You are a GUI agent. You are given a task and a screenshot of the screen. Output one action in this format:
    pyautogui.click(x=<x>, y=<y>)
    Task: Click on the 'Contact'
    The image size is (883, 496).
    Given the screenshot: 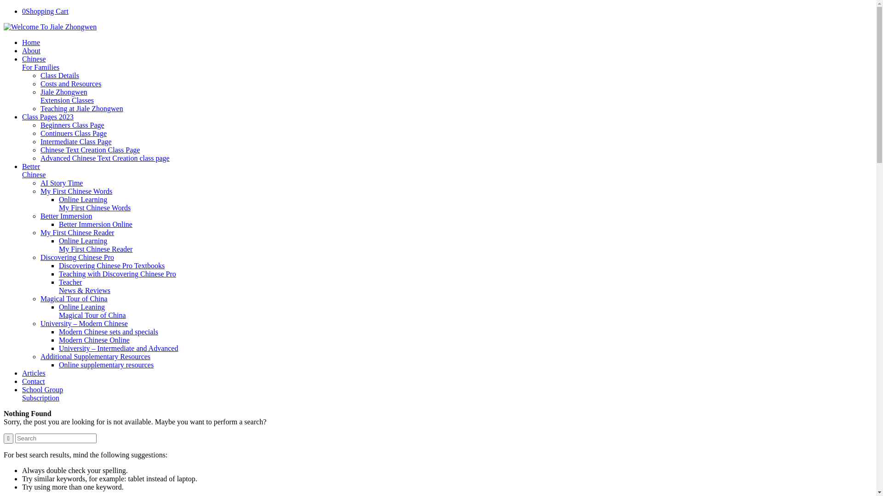 What is the action you would take?
    pyautogui.click(x=33, y=381)
    